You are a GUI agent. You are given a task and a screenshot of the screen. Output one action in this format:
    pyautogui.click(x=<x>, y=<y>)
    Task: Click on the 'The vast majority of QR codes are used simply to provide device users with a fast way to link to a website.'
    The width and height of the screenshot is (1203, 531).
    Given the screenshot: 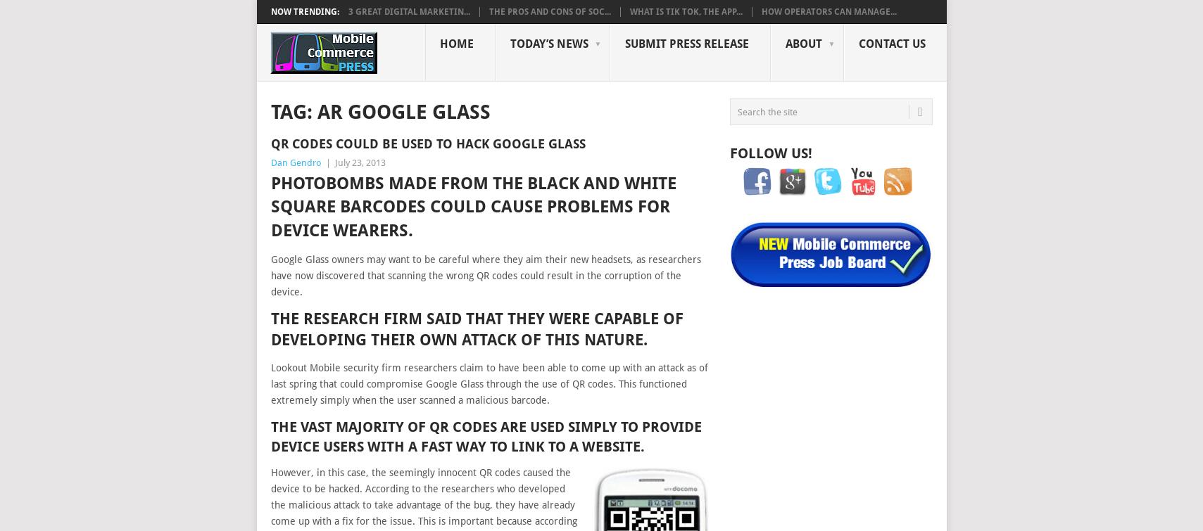 What is the action you would take?
    pyautogui.click(x=484, y=435)
    